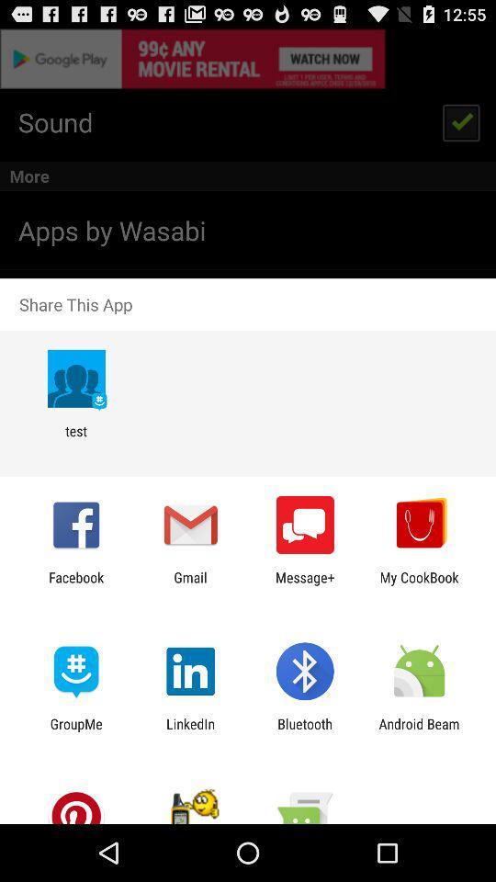  I want to click on the app to the right of the linkedin icon, so click(305, 731).